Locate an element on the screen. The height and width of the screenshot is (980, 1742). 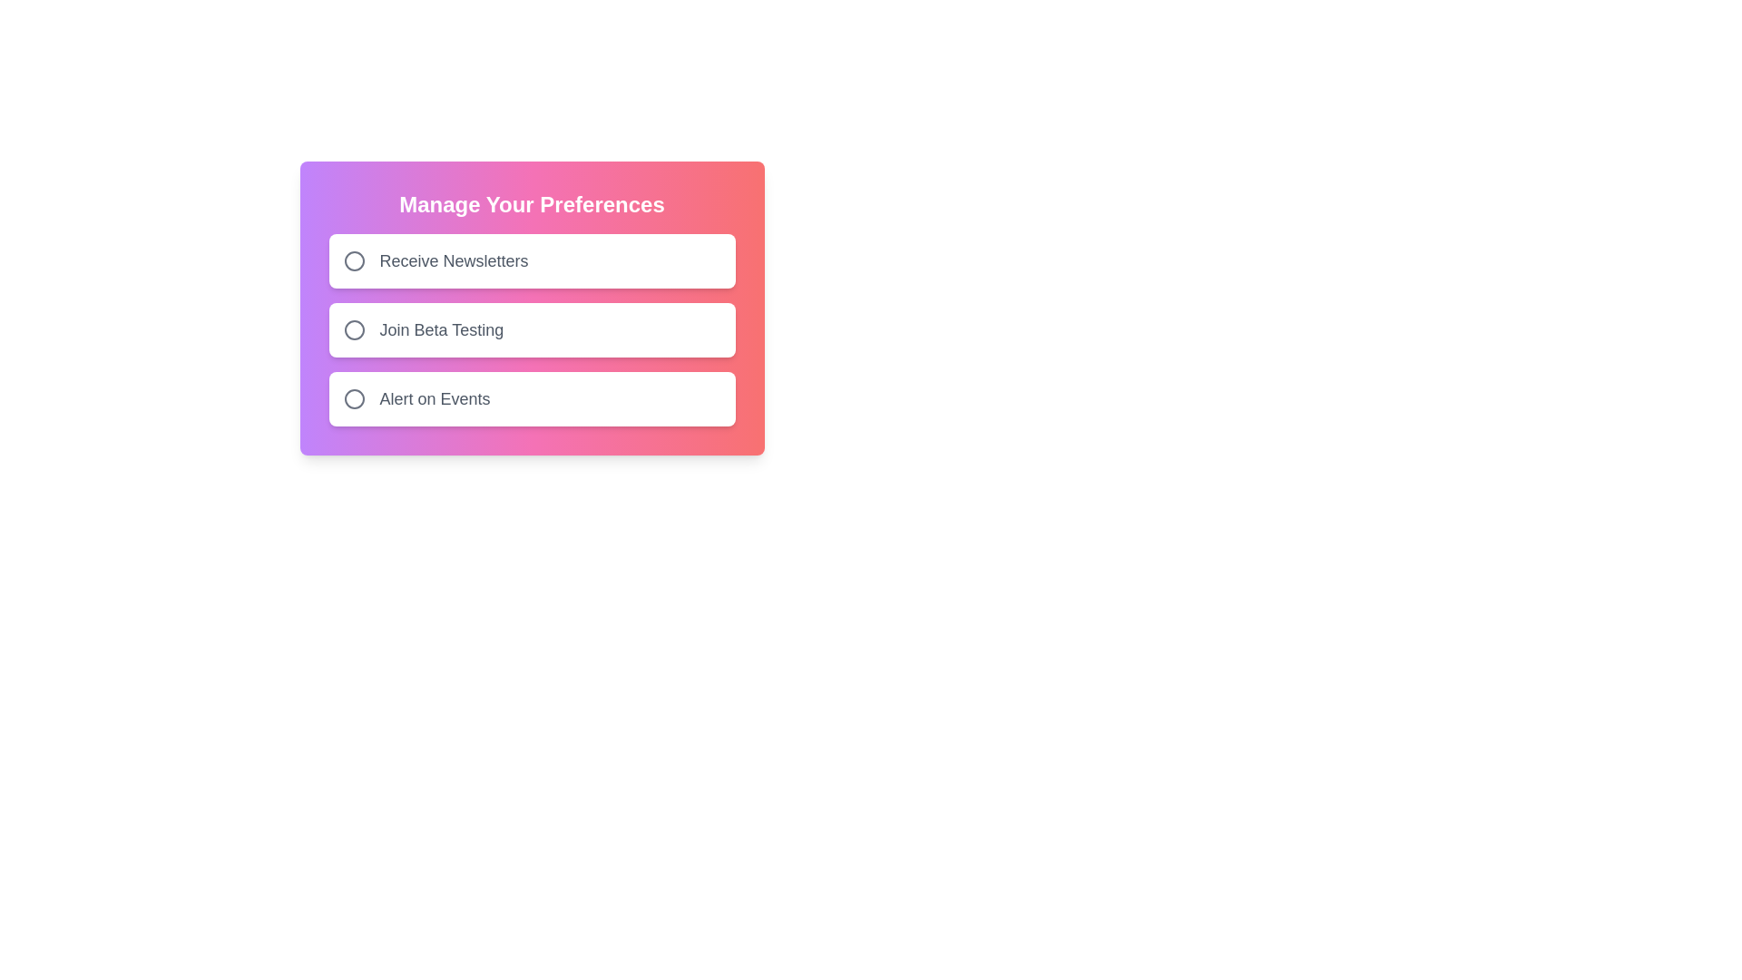
the 'Receive Newsletters' text label is located at coordinates (454, 261).